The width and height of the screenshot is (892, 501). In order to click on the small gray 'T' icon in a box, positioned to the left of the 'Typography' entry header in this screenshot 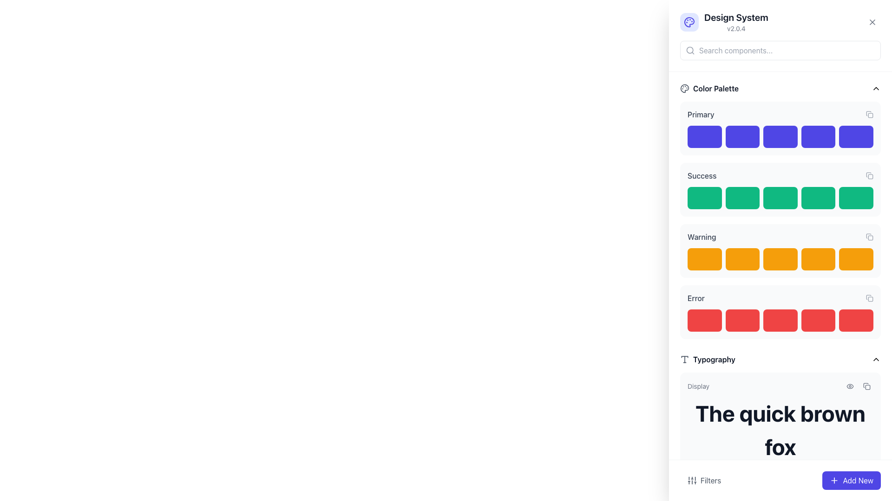, I will do `click(684, 359)`.